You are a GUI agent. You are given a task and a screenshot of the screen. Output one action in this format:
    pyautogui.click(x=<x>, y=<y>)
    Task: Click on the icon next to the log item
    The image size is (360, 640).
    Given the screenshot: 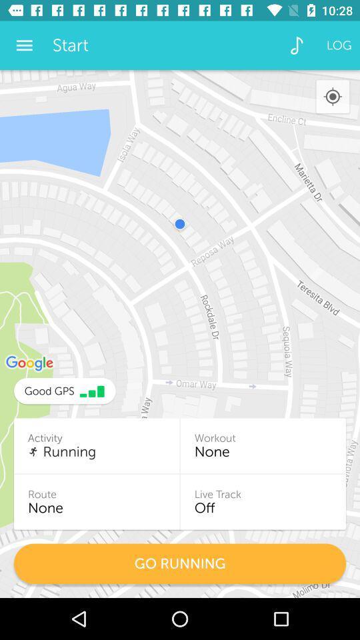 What is the action you would take?
    pyautogui.click(x=297, y=45)
    